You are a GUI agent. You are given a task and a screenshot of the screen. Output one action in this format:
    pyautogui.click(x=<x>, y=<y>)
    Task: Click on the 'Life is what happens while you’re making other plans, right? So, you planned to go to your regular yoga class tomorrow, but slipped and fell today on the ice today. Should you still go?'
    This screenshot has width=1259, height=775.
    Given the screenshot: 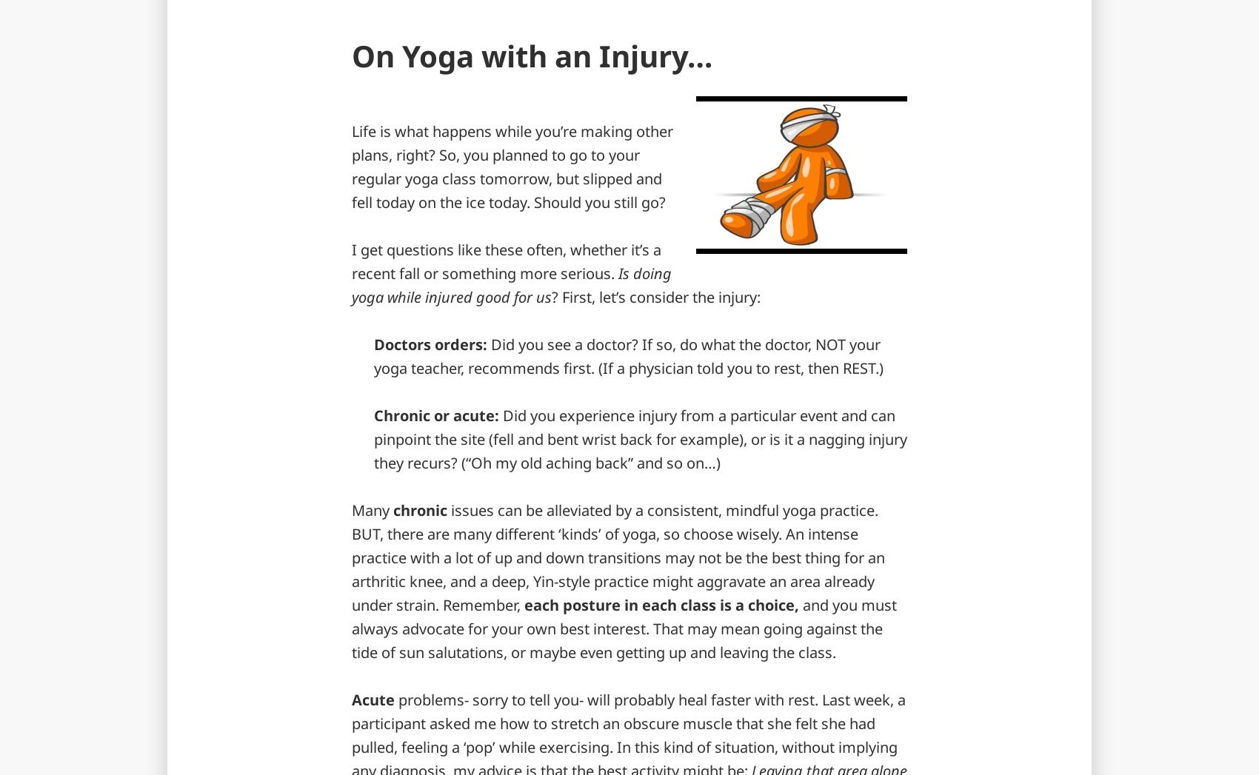 What is the action you would take?
    pyautogui.click(x=512, y=166)
    